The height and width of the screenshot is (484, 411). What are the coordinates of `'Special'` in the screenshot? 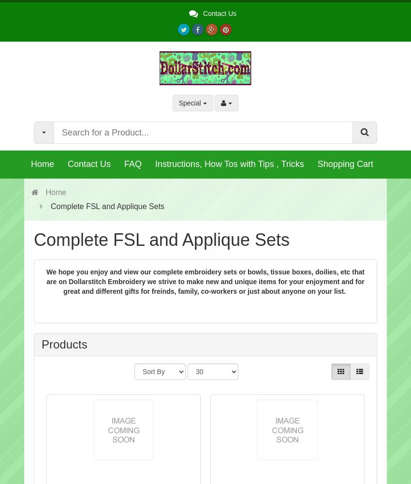 It's located at (190, 103).